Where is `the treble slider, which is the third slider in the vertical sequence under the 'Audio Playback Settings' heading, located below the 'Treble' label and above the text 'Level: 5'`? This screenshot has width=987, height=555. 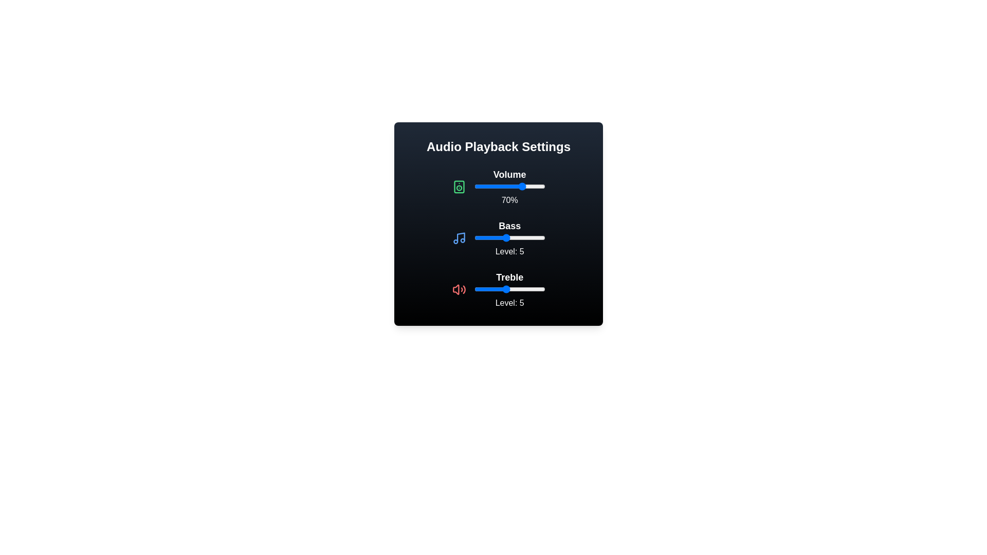
the treble slider, which is the third slider in the vertical sequence under the 'Audio Playback Settings' heading, located below the 'Treble' label and above the text 'Level: 5' is located at coordinates (509, 289).